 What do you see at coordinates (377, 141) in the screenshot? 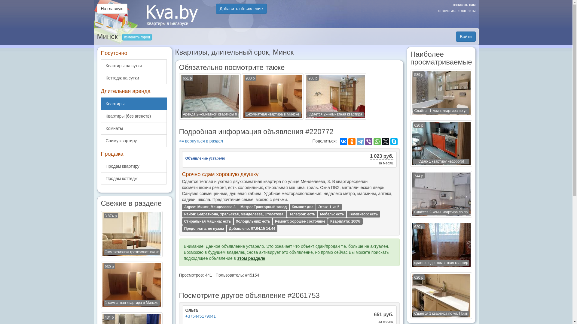
I see `'WhatsApp'` at bounding box center [377, 141].